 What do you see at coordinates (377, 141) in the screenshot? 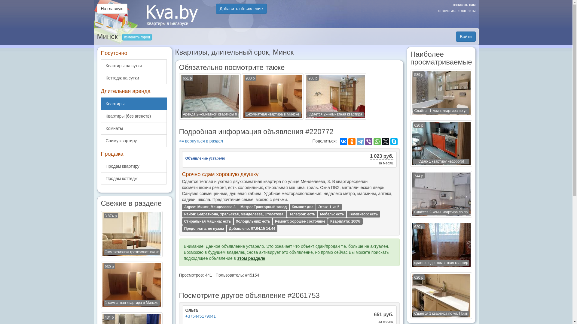
I see `'WhatsApp'` at bounding box center [377, 141].